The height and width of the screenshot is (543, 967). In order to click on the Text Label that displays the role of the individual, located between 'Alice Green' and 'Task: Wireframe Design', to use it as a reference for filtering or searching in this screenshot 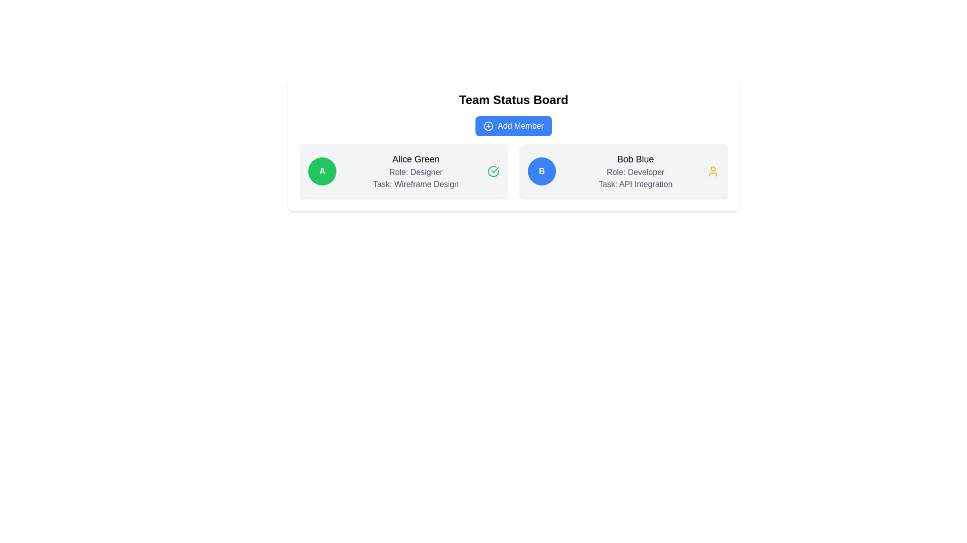, I will do `click(416, 172)`.